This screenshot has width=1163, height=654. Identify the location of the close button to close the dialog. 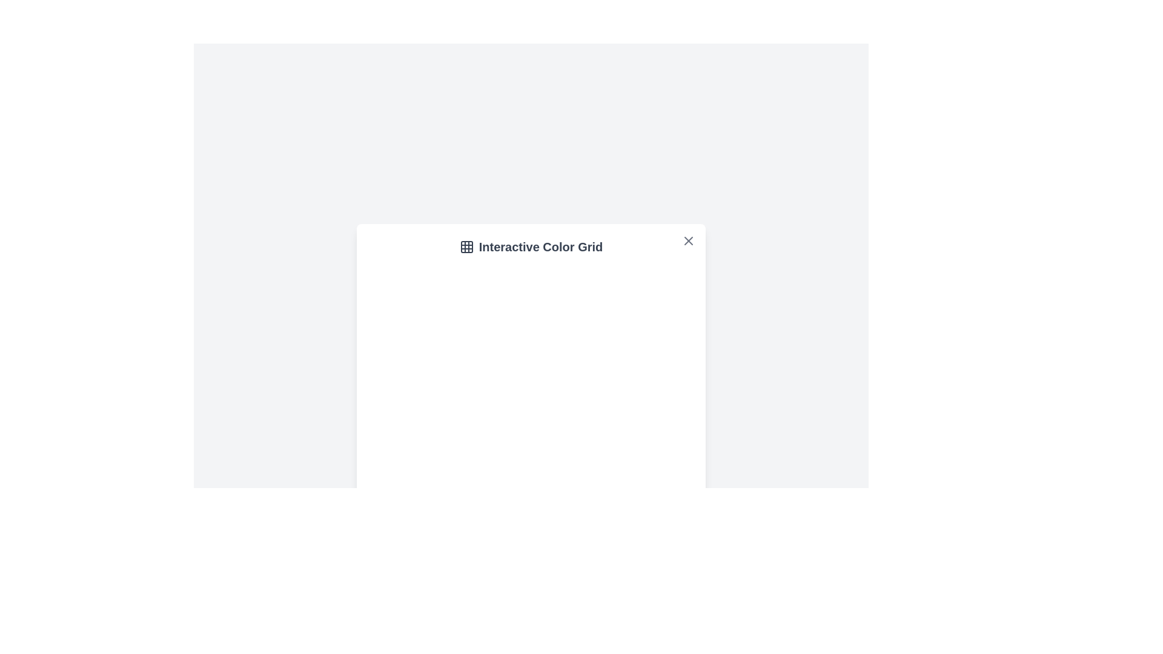
(689, 240).